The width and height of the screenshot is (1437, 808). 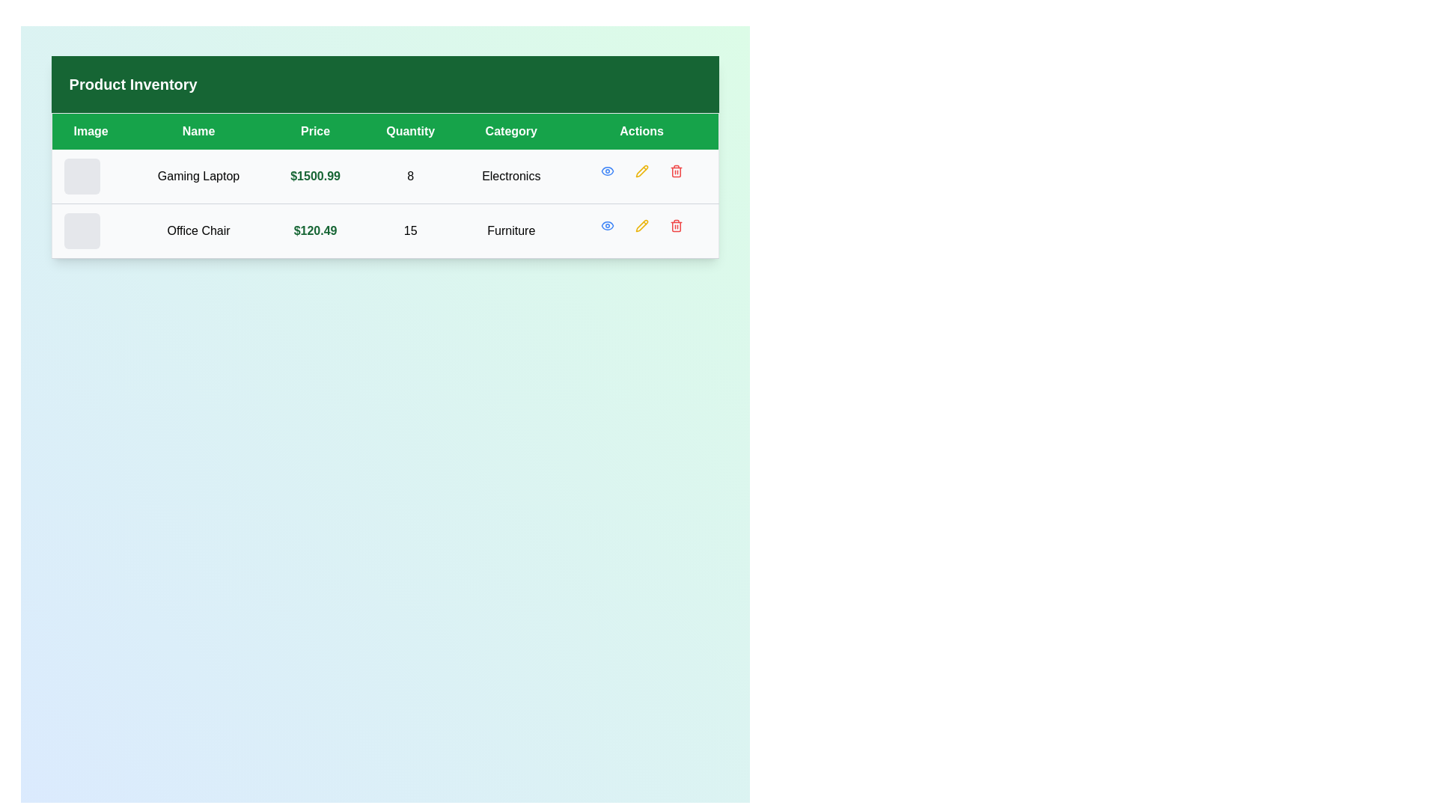 I want to click on the pencil-shaped icon outlined in orange or yellow located in the 'Actions' column of the second row, so click(x=641, y=225).